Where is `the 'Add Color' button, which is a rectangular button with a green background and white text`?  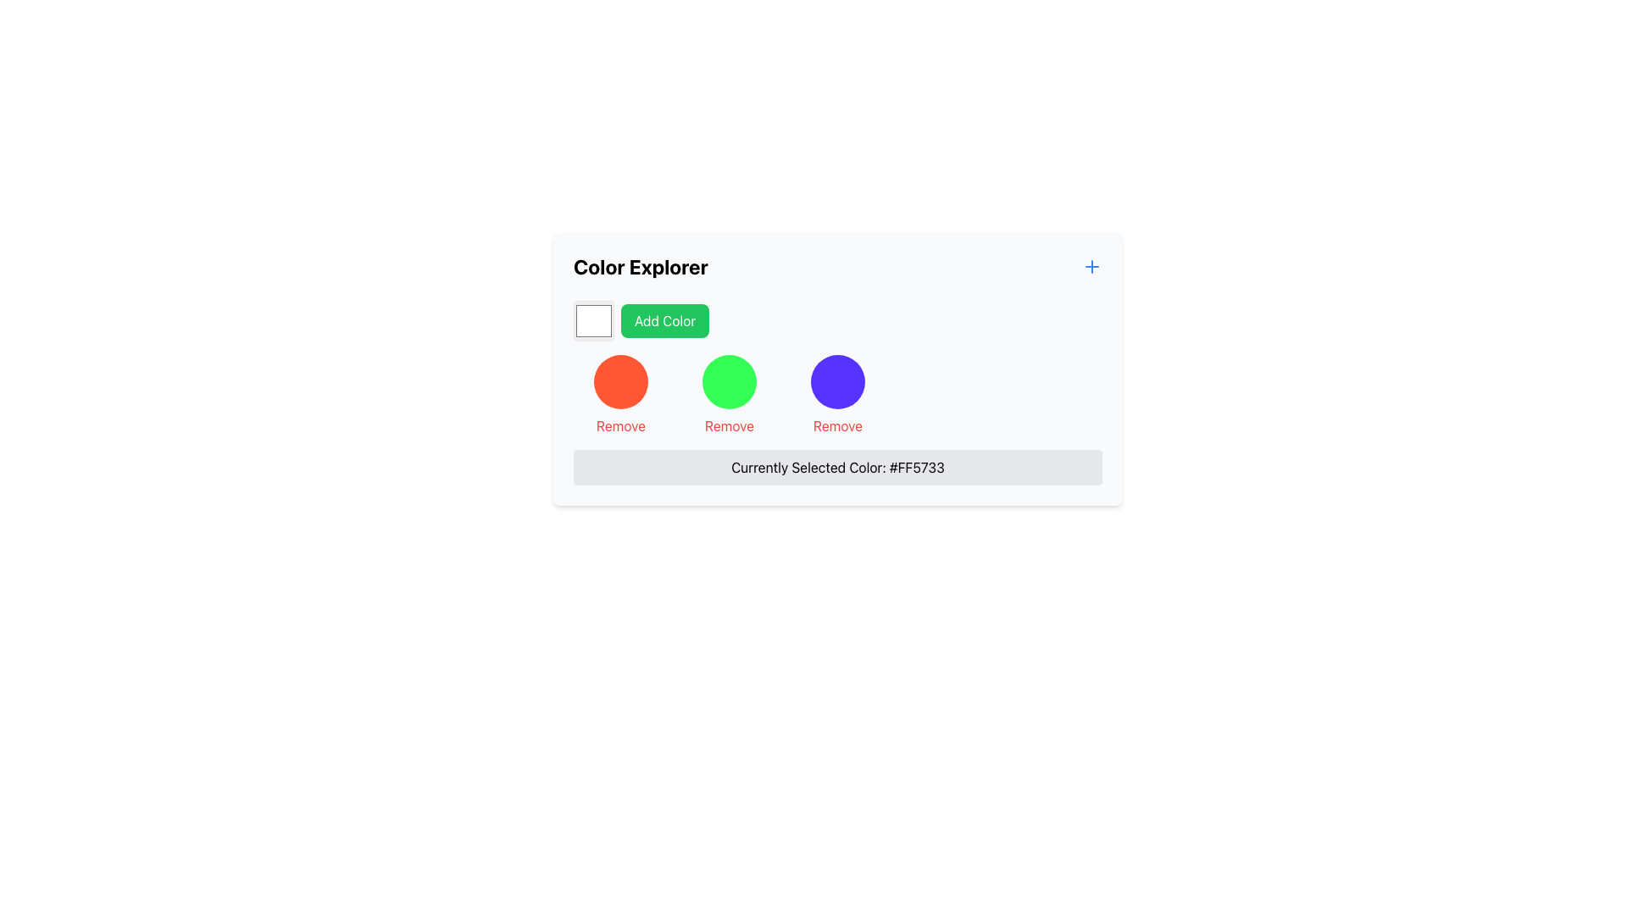 the 'Add Color' button, which is a rectangular button with a green background and white text is located at coordinates (664, 320).